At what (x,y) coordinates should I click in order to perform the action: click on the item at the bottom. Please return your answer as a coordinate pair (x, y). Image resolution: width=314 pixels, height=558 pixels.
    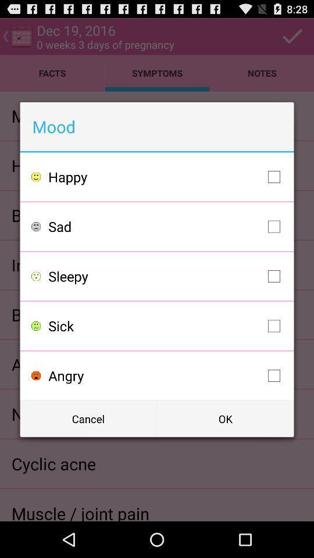
    Looking at the image, I should click on (166, 375).